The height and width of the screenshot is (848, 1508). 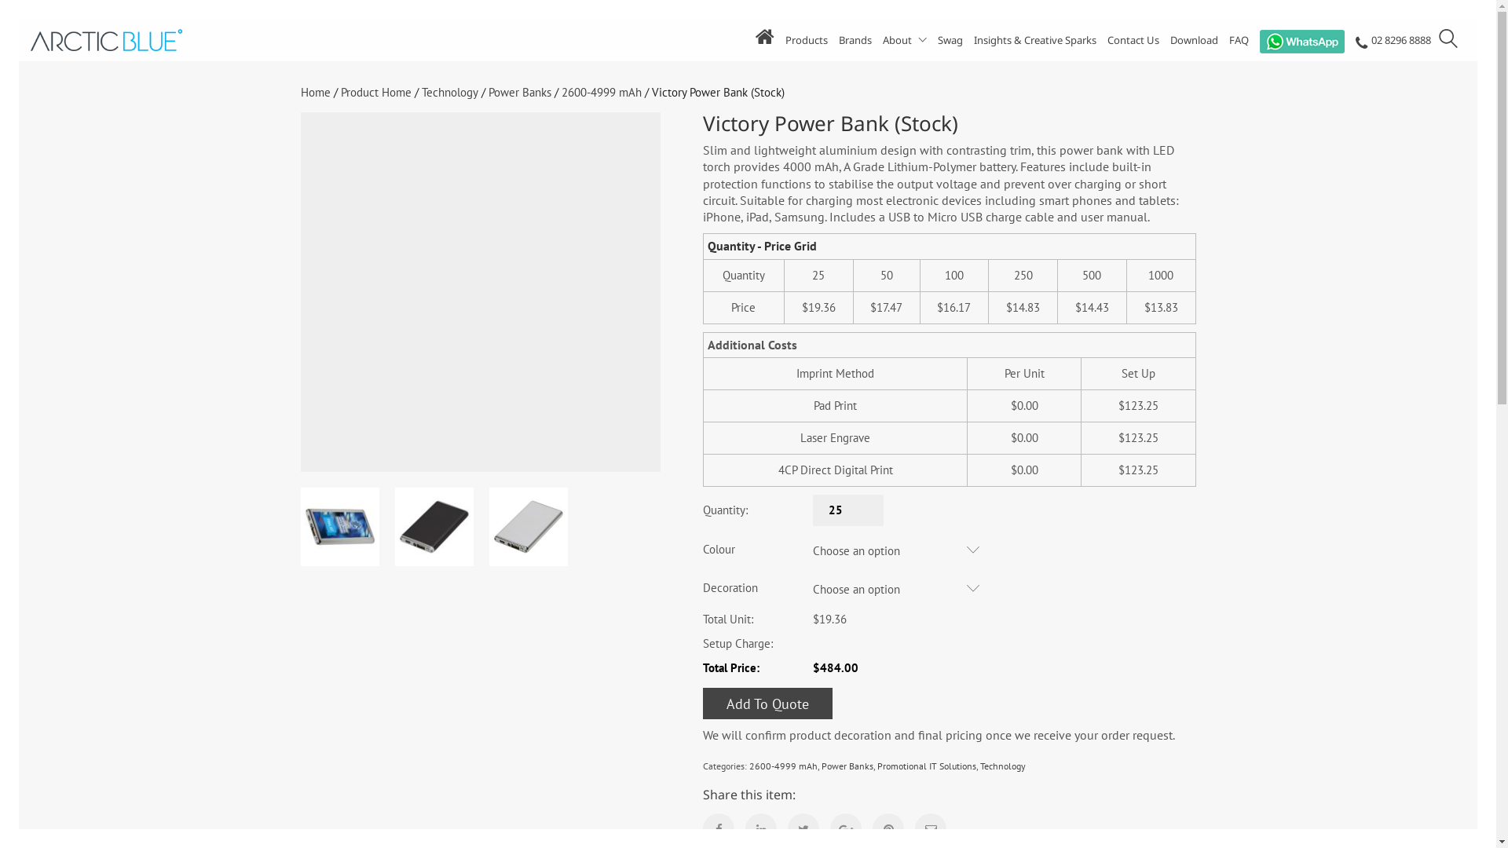 What do you see at coordinates (949, 39) in the screenshot?
I see `'Swag'` at bounding box center [949, 39].